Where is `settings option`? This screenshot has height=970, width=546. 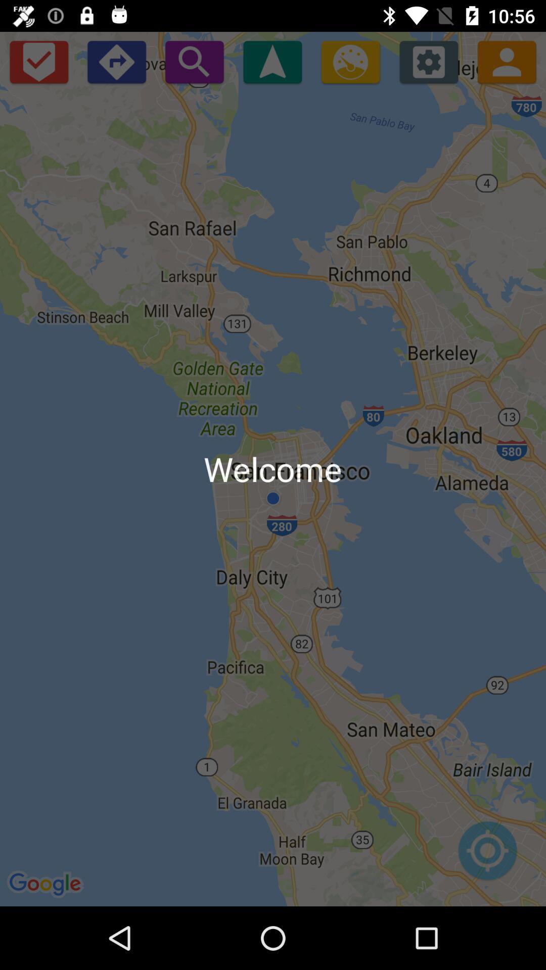 settings option is located at coordinates (429, 61).